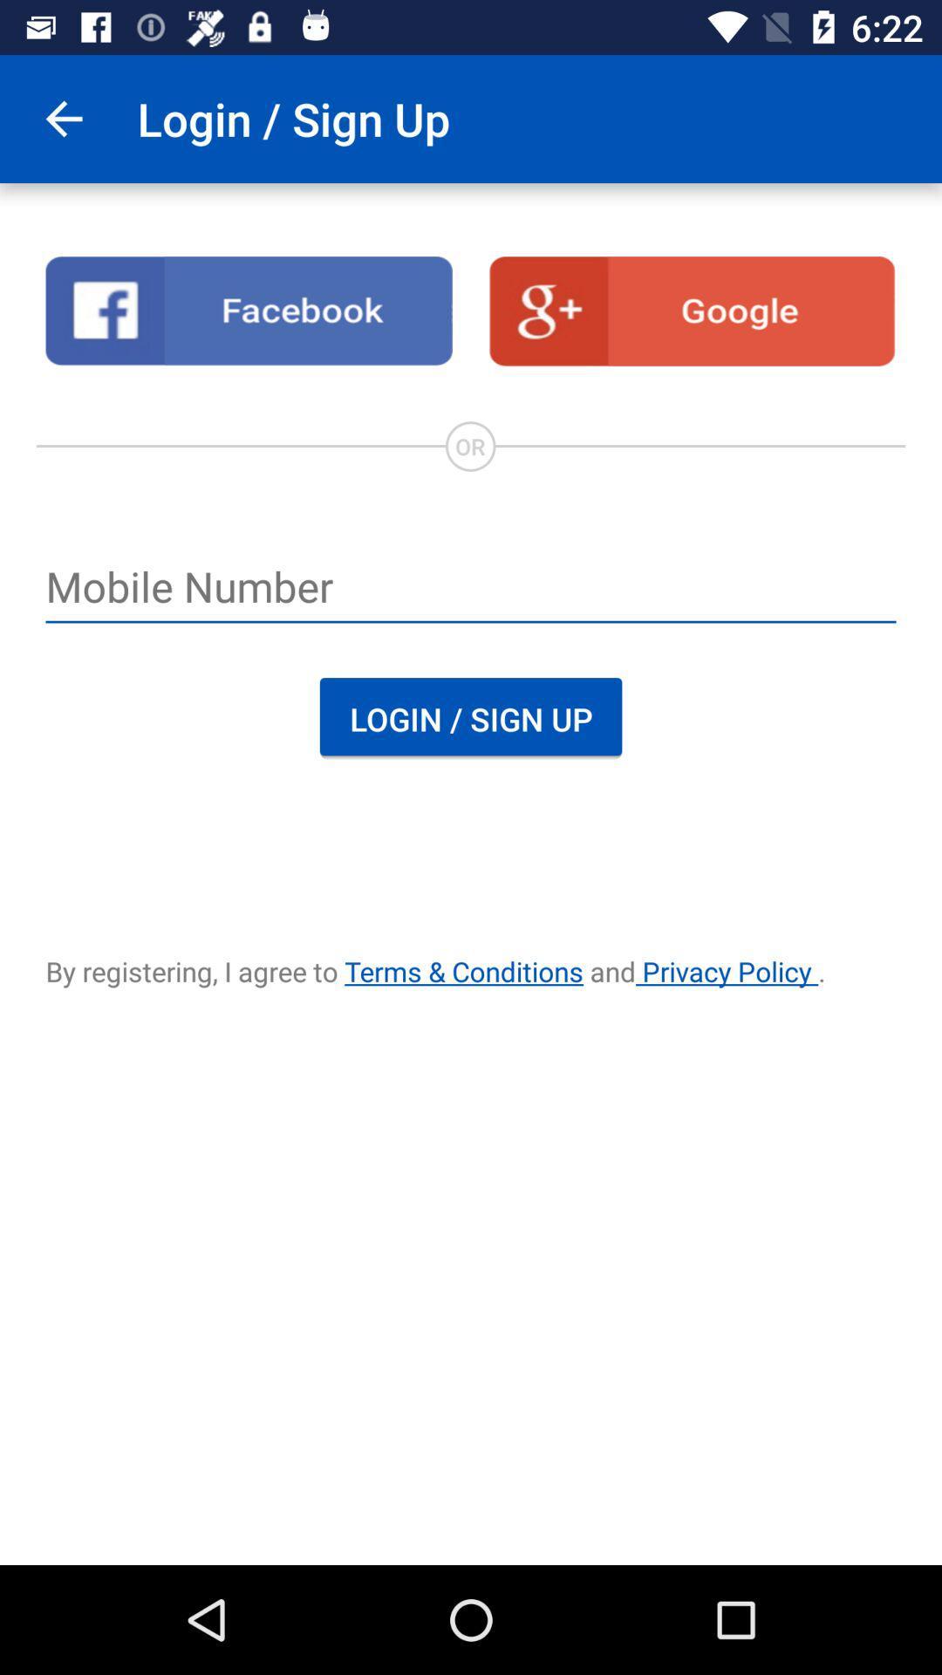 This screenshot has height=1675, width=942. What do you see at coordinates (471, 589) in the screenshot?
I see `your phone` at bounding box center [471, 589].